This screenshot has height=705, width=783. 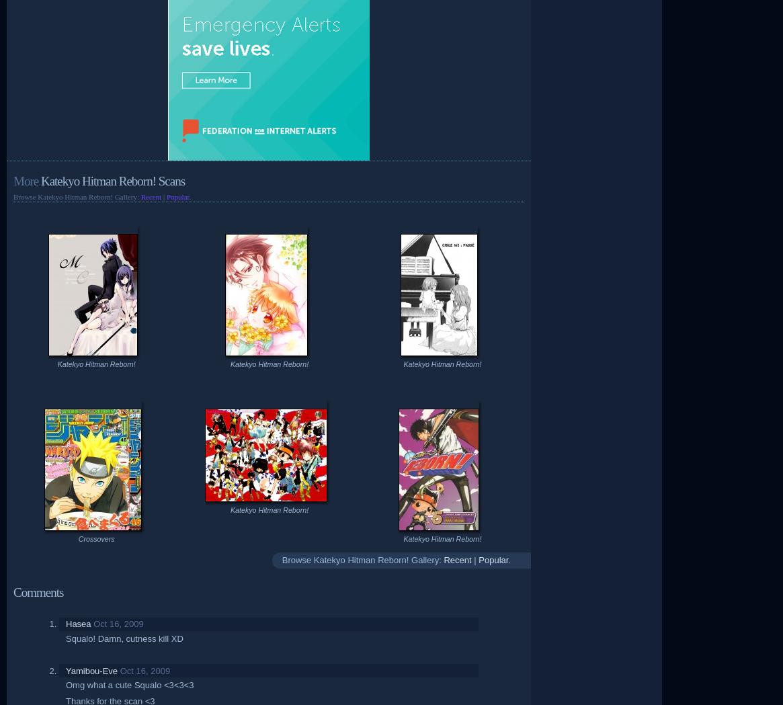 What do you see at coordinates (91, 669) in the screenshot?
I see `'Yamibou-Eve'` at bounding box center [91, 669].